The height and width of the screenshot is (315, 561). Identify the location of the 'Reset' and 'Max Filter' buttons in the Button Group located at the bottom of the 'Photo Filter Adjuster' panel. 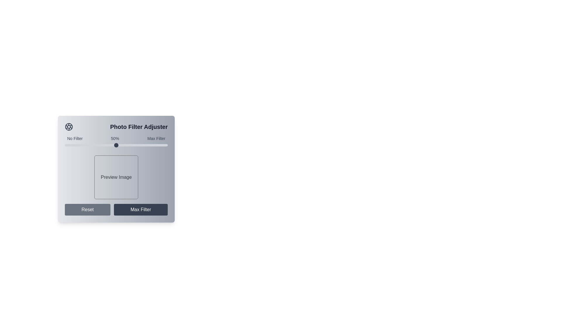
(116, 209).